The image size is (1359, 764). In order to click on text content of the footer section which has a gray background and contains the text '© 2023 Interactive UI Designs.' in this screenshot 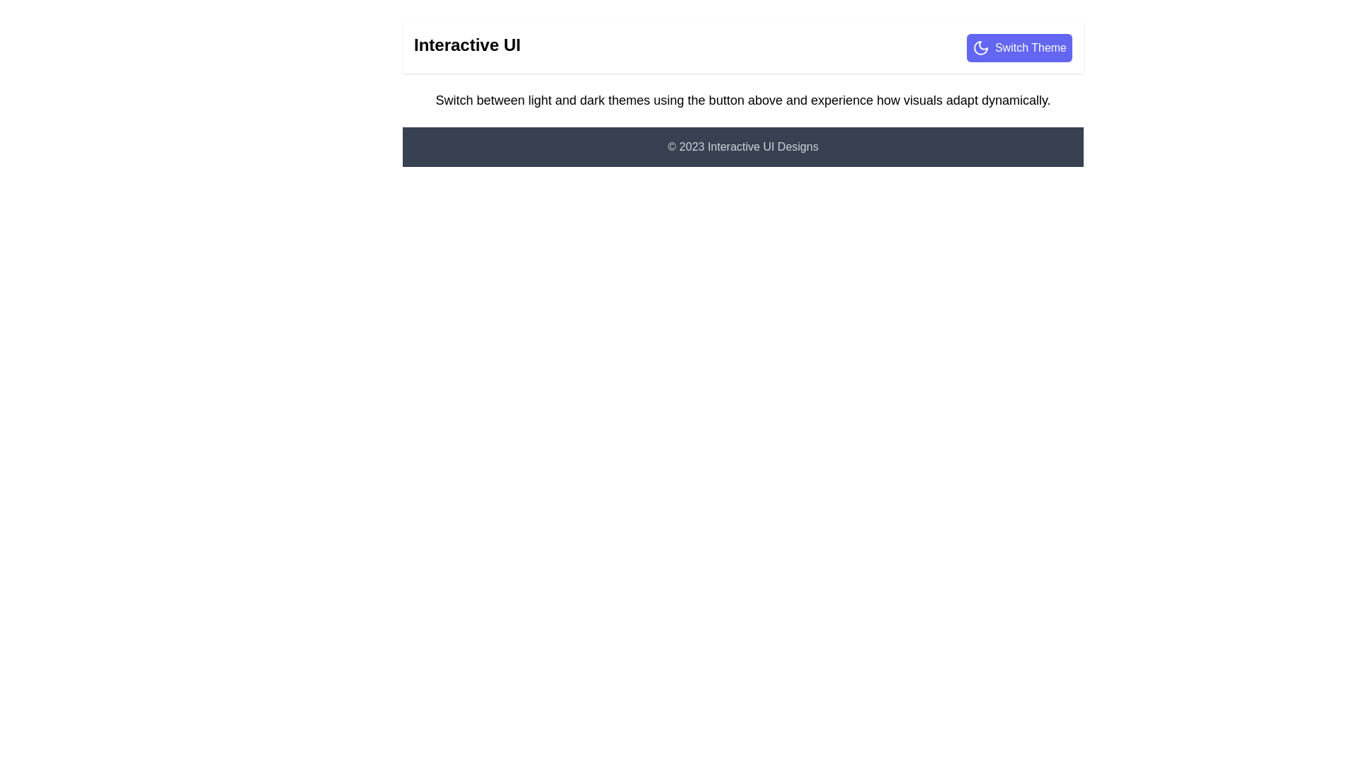, I will do `click(742, 147)`.